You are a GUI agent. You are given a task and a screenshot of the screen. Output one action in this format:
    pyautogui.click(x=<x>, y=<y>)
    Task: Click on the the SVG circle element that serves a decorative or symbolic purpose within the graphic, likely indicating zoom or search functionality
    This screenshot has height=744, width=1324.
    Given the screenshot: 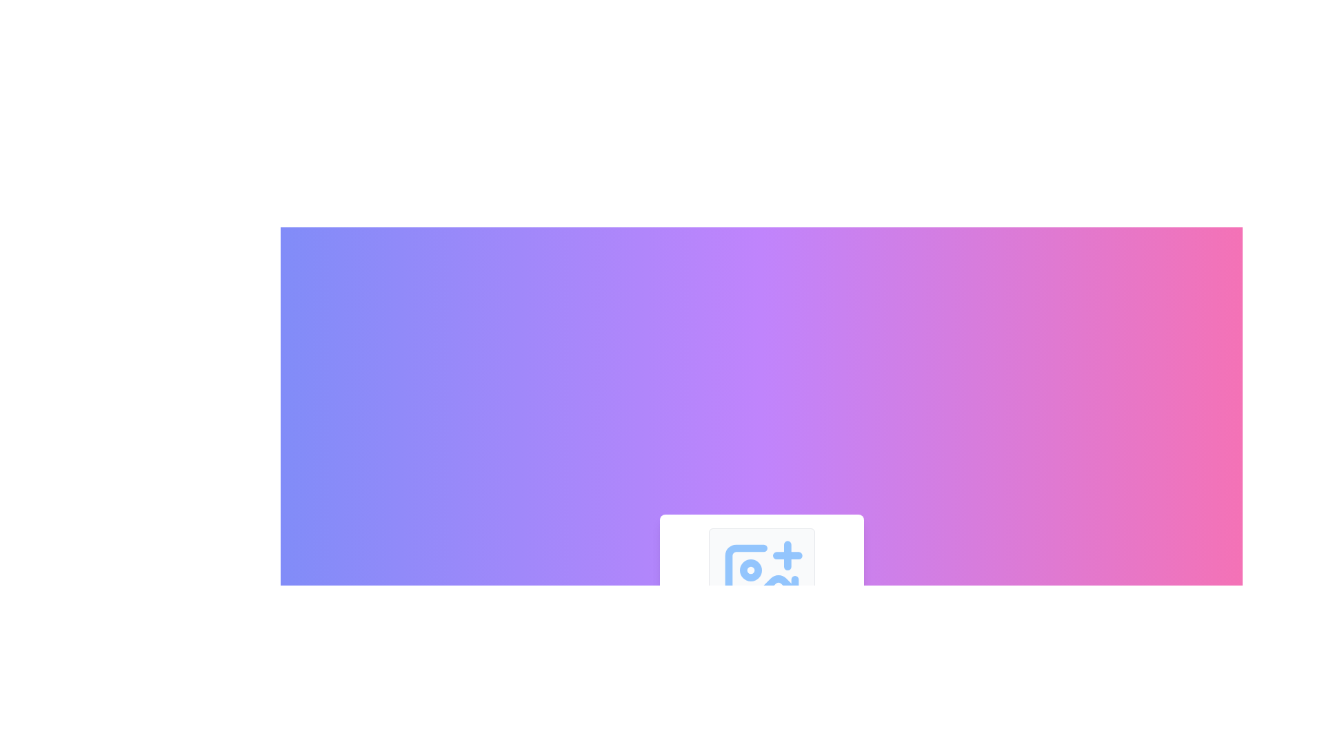 What is the action you would take?
    pyautogui.click(x=736, y=657)
    